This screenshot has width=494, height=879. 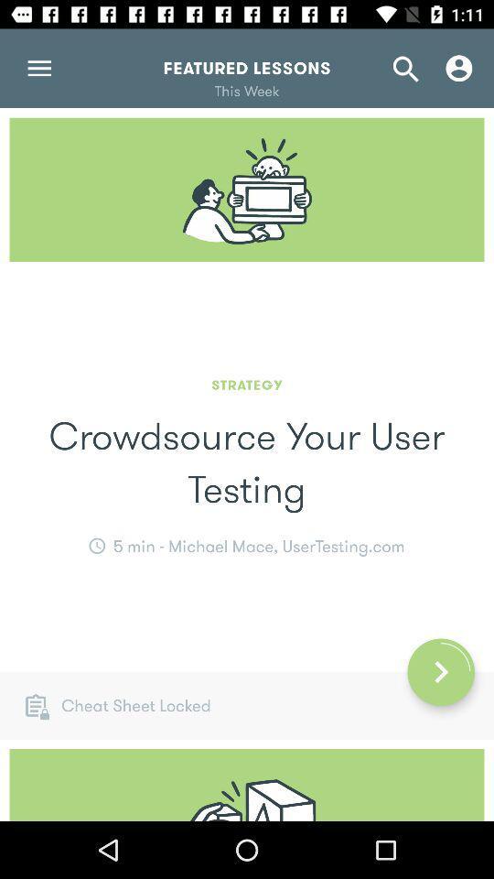 I want to click on the menu icon, so click(x=39, y=68).